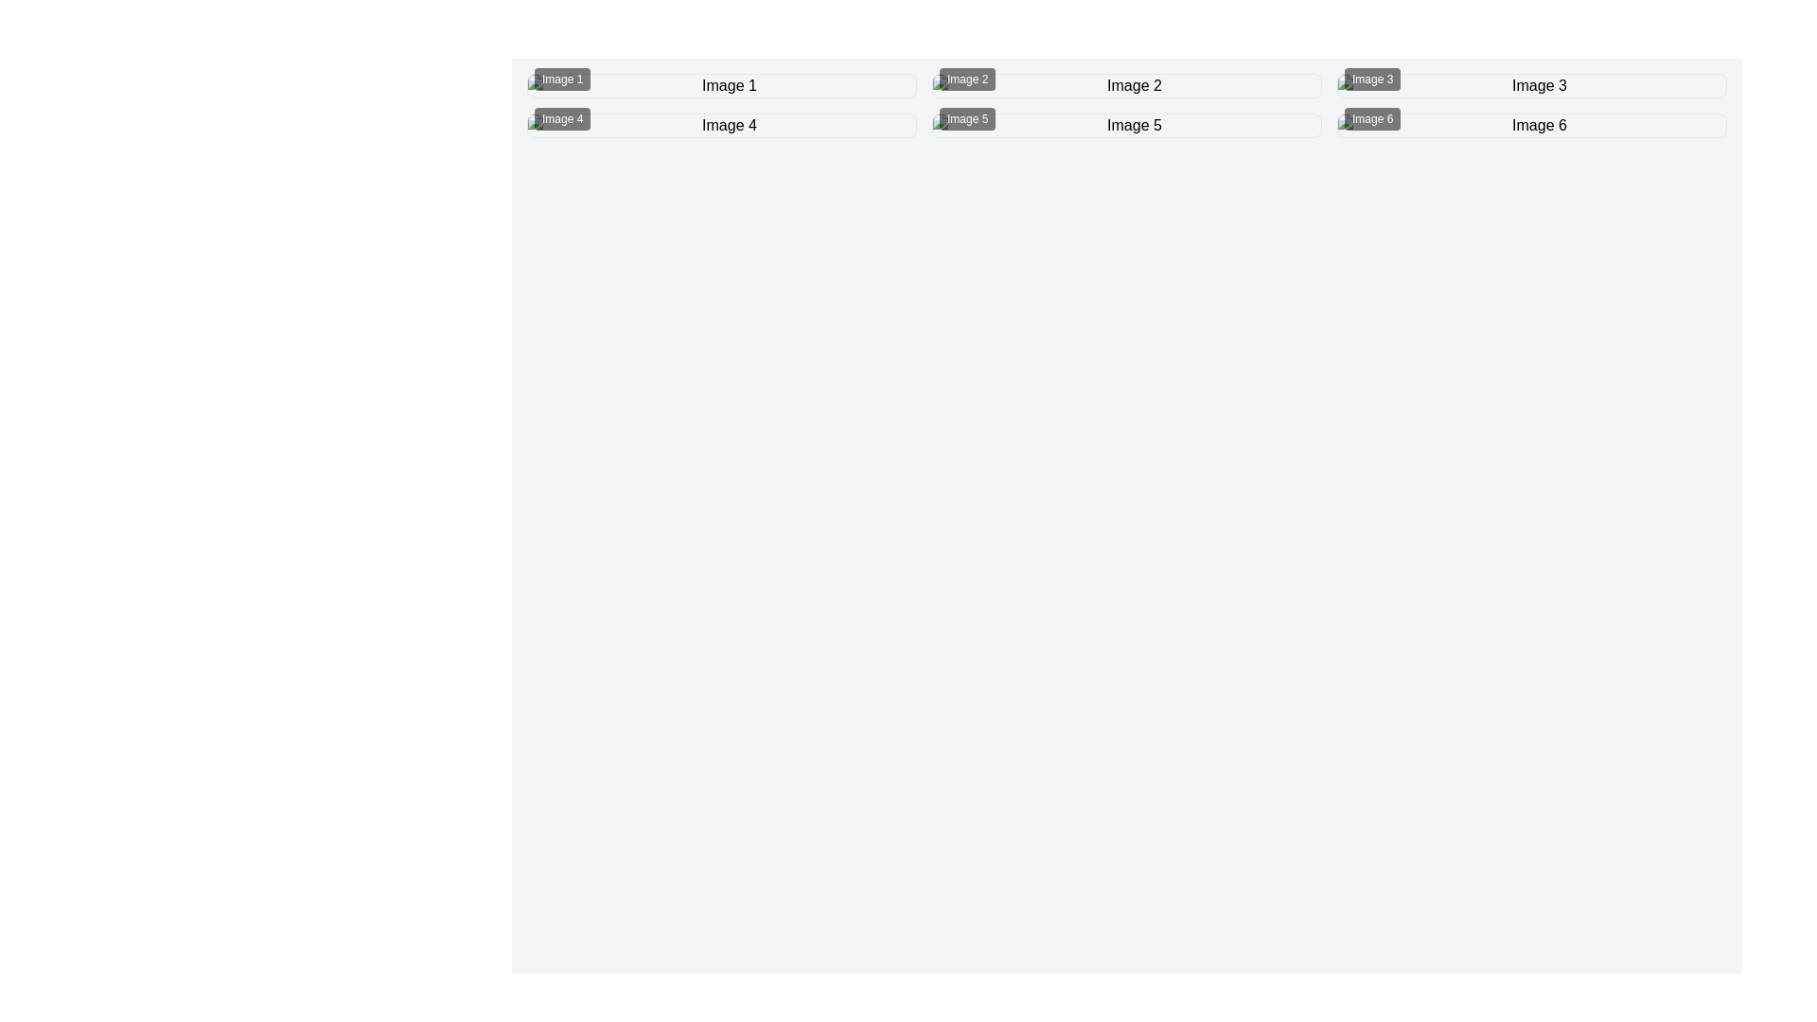 Image resolution: width=1817 pixels, height=1022 pixels. Describe the element at coordinates (561, 79) in the screenshot. I see `the Text label that identifies 'Image 1', located in the top-left corner of the associated image` at that location.